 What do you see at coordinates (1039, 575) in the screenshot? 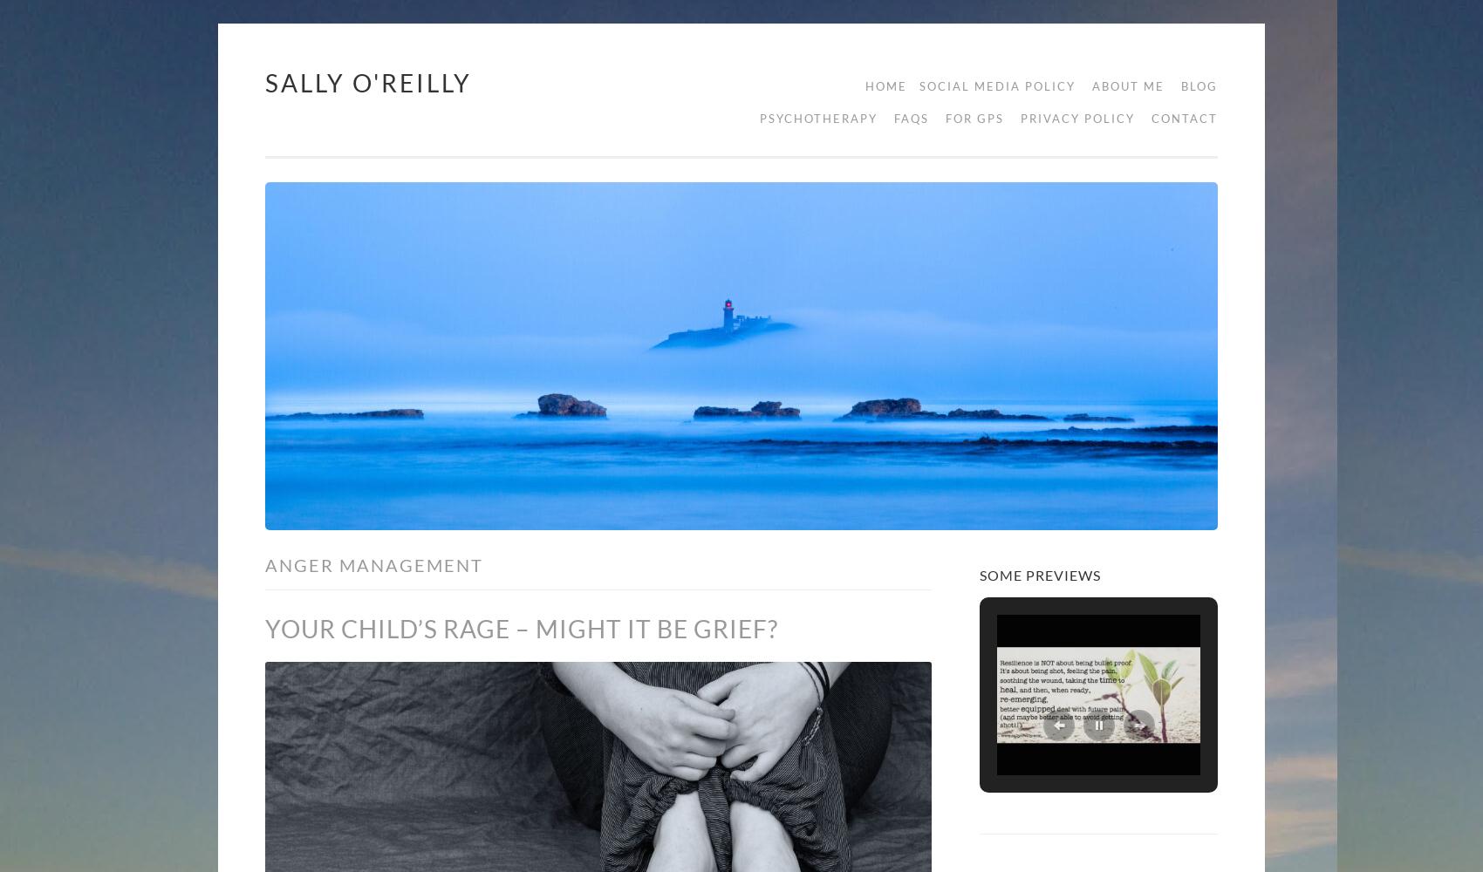
I see `'Some previews'` at bounding box center [1039, 575].